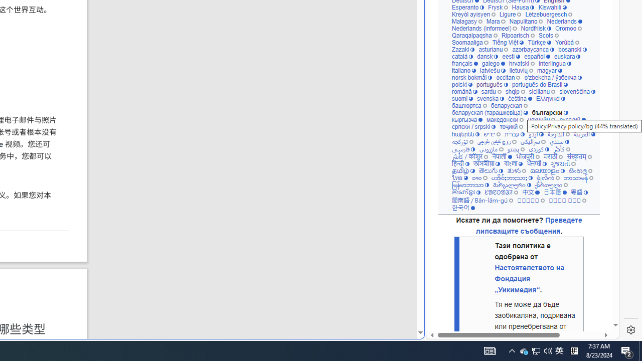 This screenshot has width=642, height=361. I want to click on 'Nederlands (informeel)', so click(484, 28).